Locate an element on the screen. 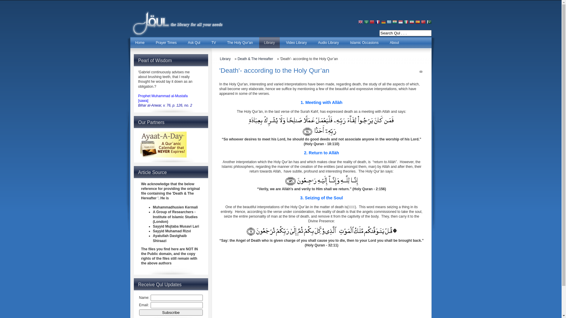  'Home' is located at coordinates (140, 42).